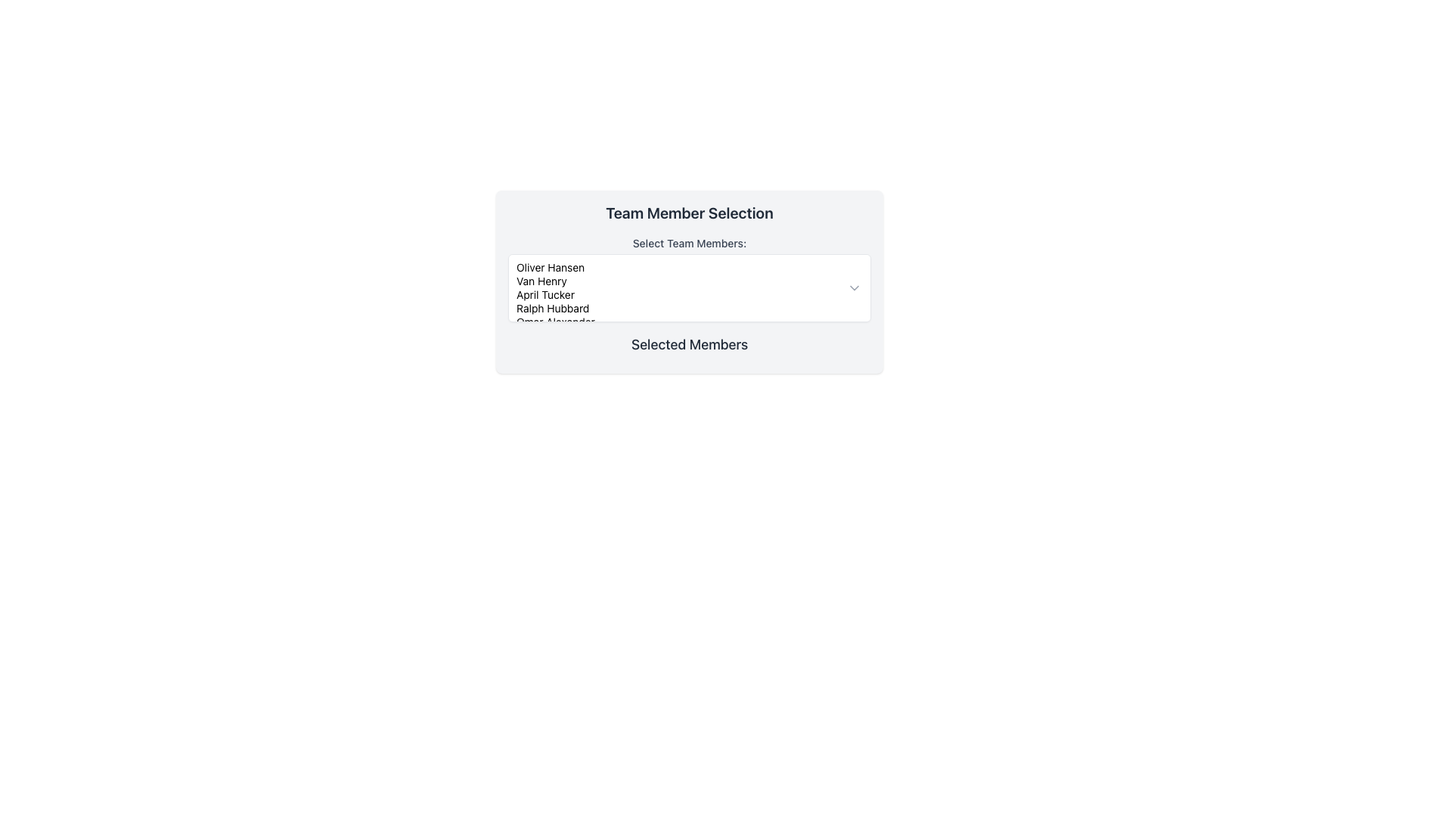 Image resolution: width=1452 pixels, height=817 pixels. I want to click on to select the dropdown list item displaying 'Omar Alexander' in black font against a white background, which is the fifth item in the dropdown list, so click(677, 321).